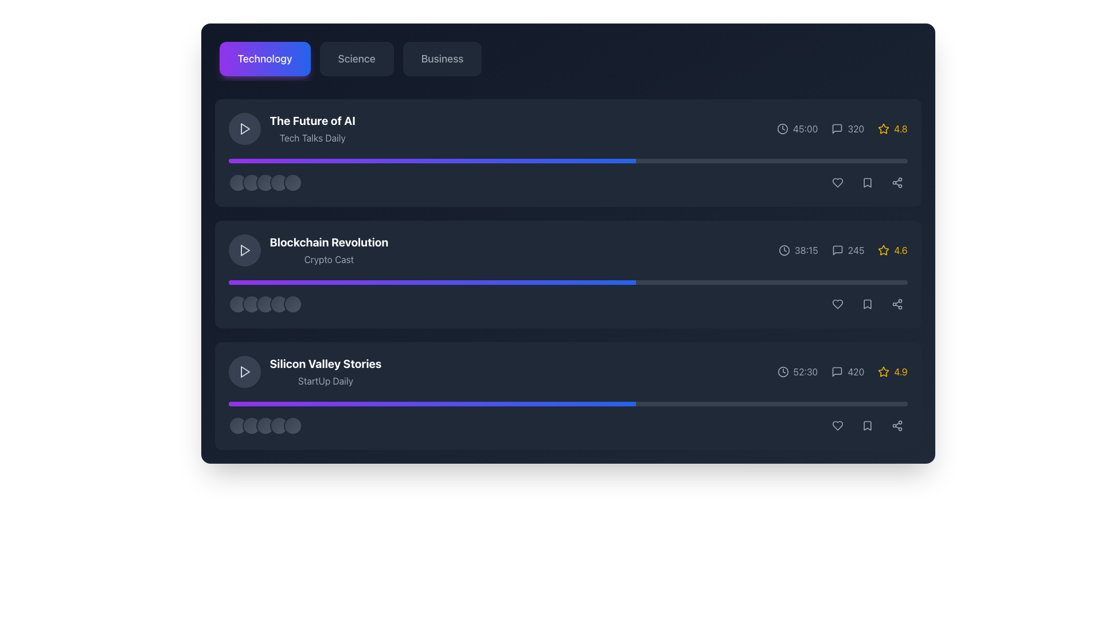 The image size is (1101, 619). What do you see at coordinates (867, 426) in the screenshot?
I see `the bookmark icon within the third list item titled 'Silicon Valley Stories'` at bounding box center [867, 426].